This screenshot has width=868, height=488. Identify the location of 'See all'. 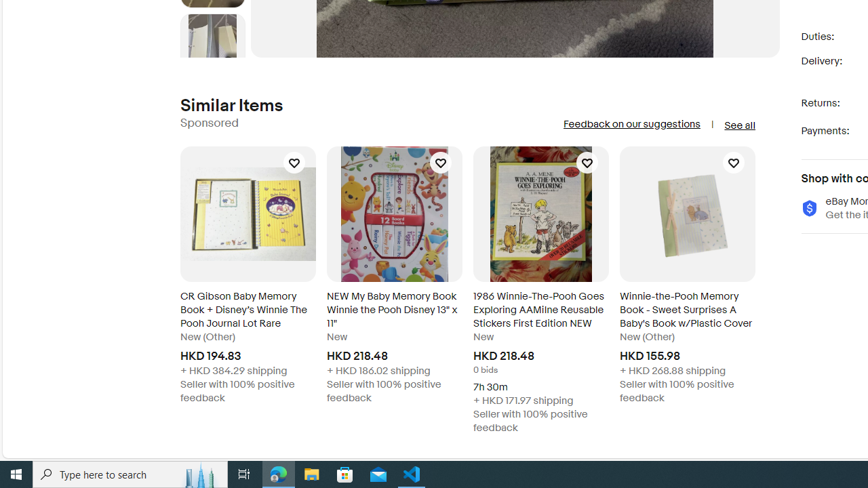
(738, 125).